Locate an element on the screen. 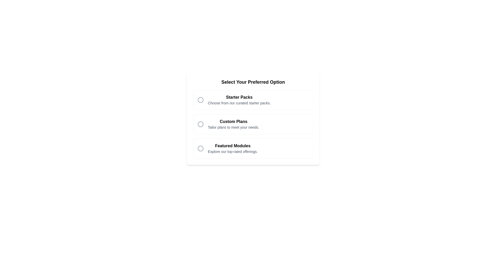 This screenshot has width=497, height=279. the state of the hollow circular Icon component located in the third row of options under the 'Featured Modules' title is located at coordinates (200, 148).